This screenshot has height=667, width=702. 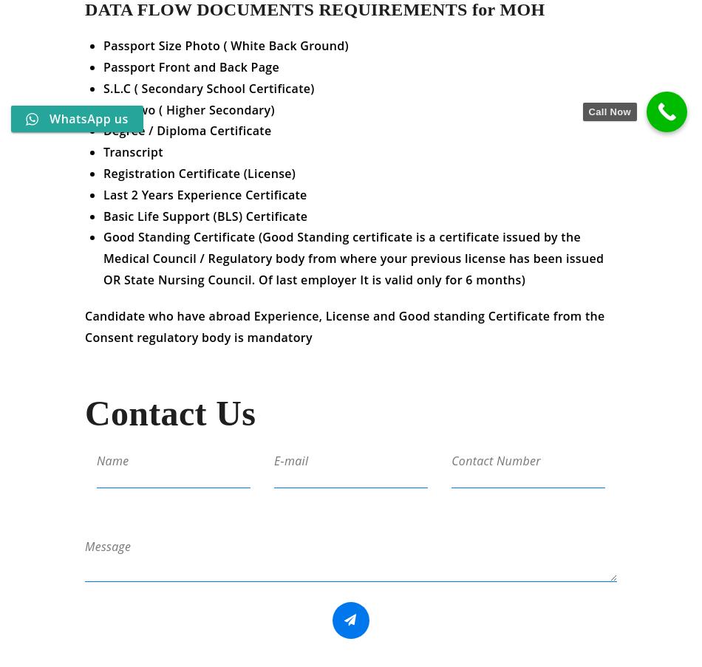 I want to click on 'Registration Certificate (License)', so click(x=198, y=182).